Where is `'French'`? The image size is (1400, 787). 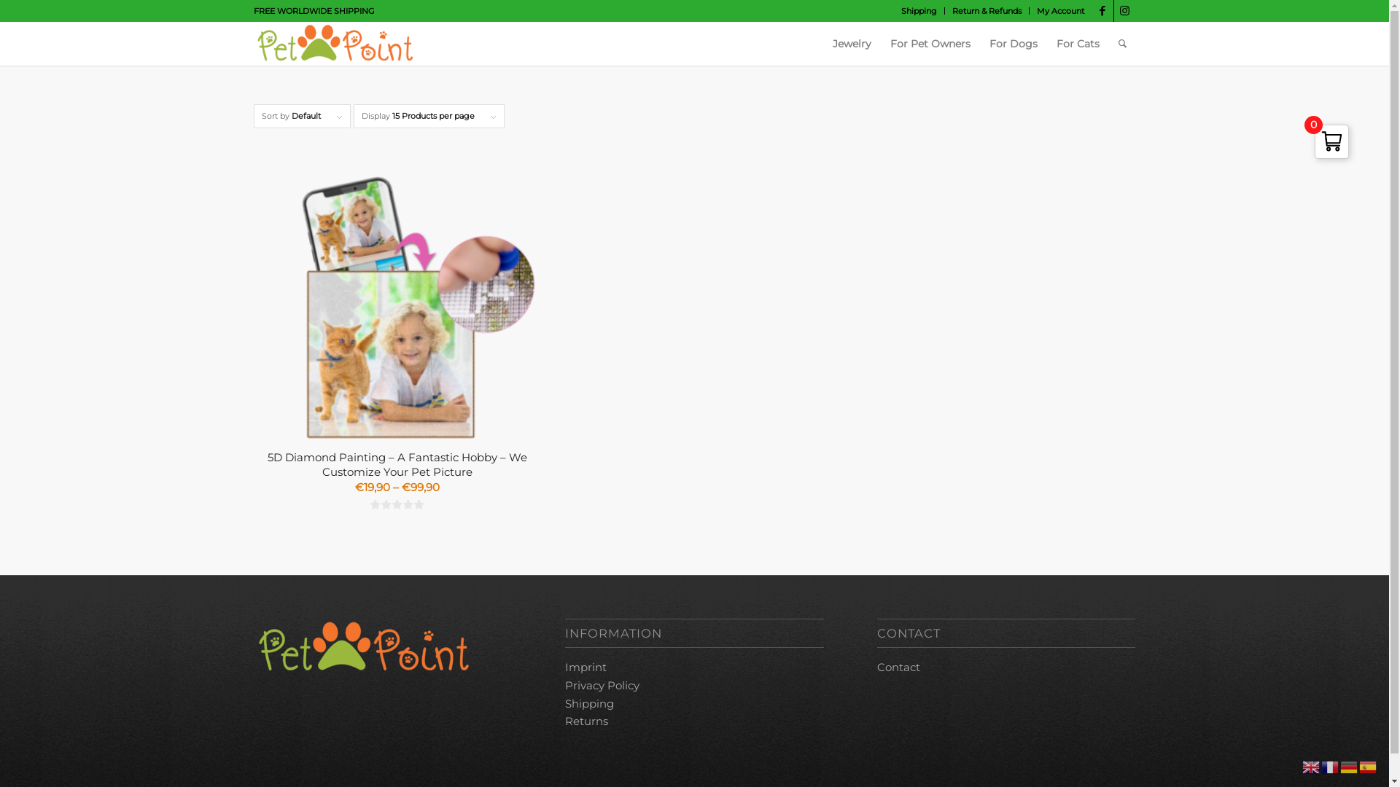 'French' is located at coordinates (1330, 765).